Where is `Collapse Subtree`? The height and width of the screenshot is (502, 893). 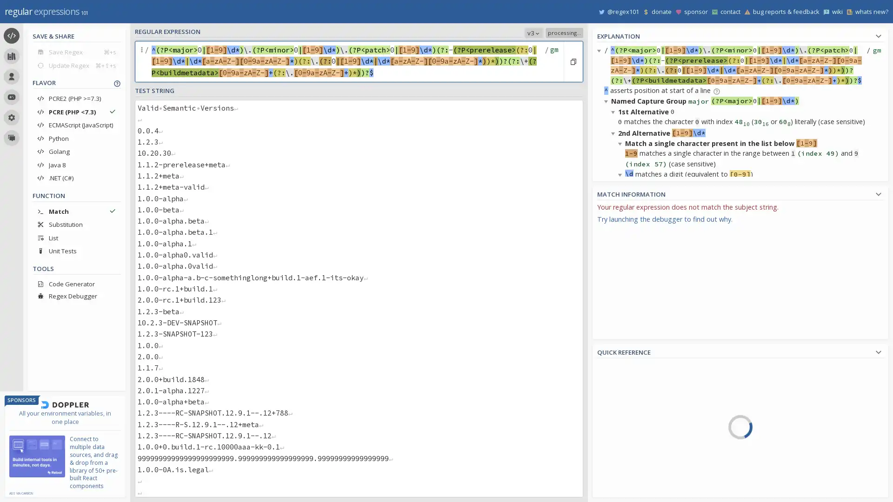 Collapse Subtree is located at coordinates (621, 290).